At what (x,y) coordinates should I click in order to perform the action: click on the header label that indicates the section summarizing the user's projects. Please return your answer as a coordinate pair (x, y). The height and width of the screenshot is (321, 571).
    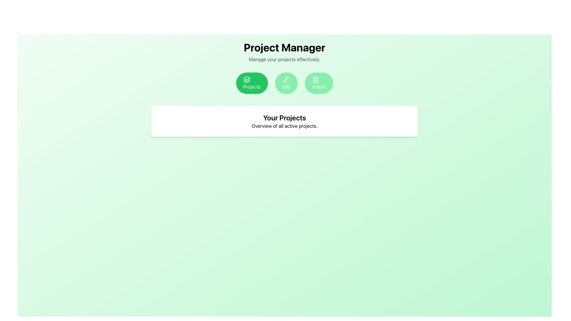
    Looking at the image, I should click on (284, 118).